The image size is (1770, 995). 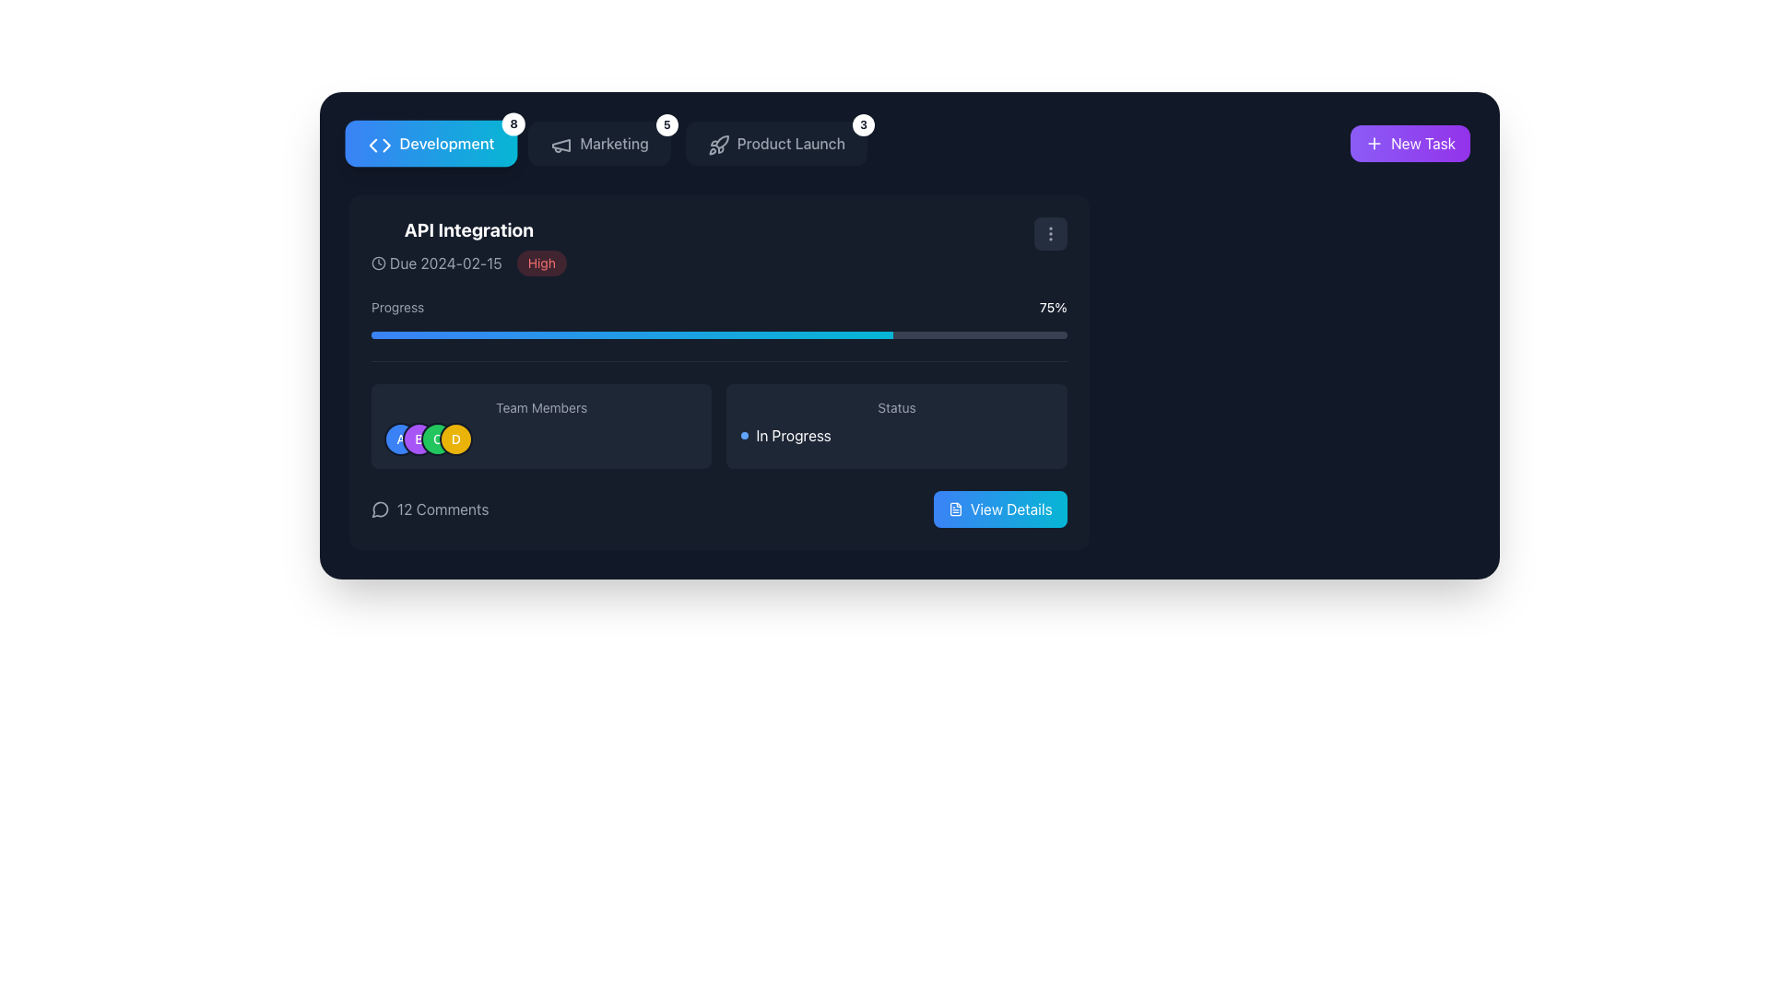 I want to click on the Icon button, which is a vertical ellipsis composed of three vertically aligned dots located at the top-right corner of the 'API Integration' task card, so click(x=1050, y=233).